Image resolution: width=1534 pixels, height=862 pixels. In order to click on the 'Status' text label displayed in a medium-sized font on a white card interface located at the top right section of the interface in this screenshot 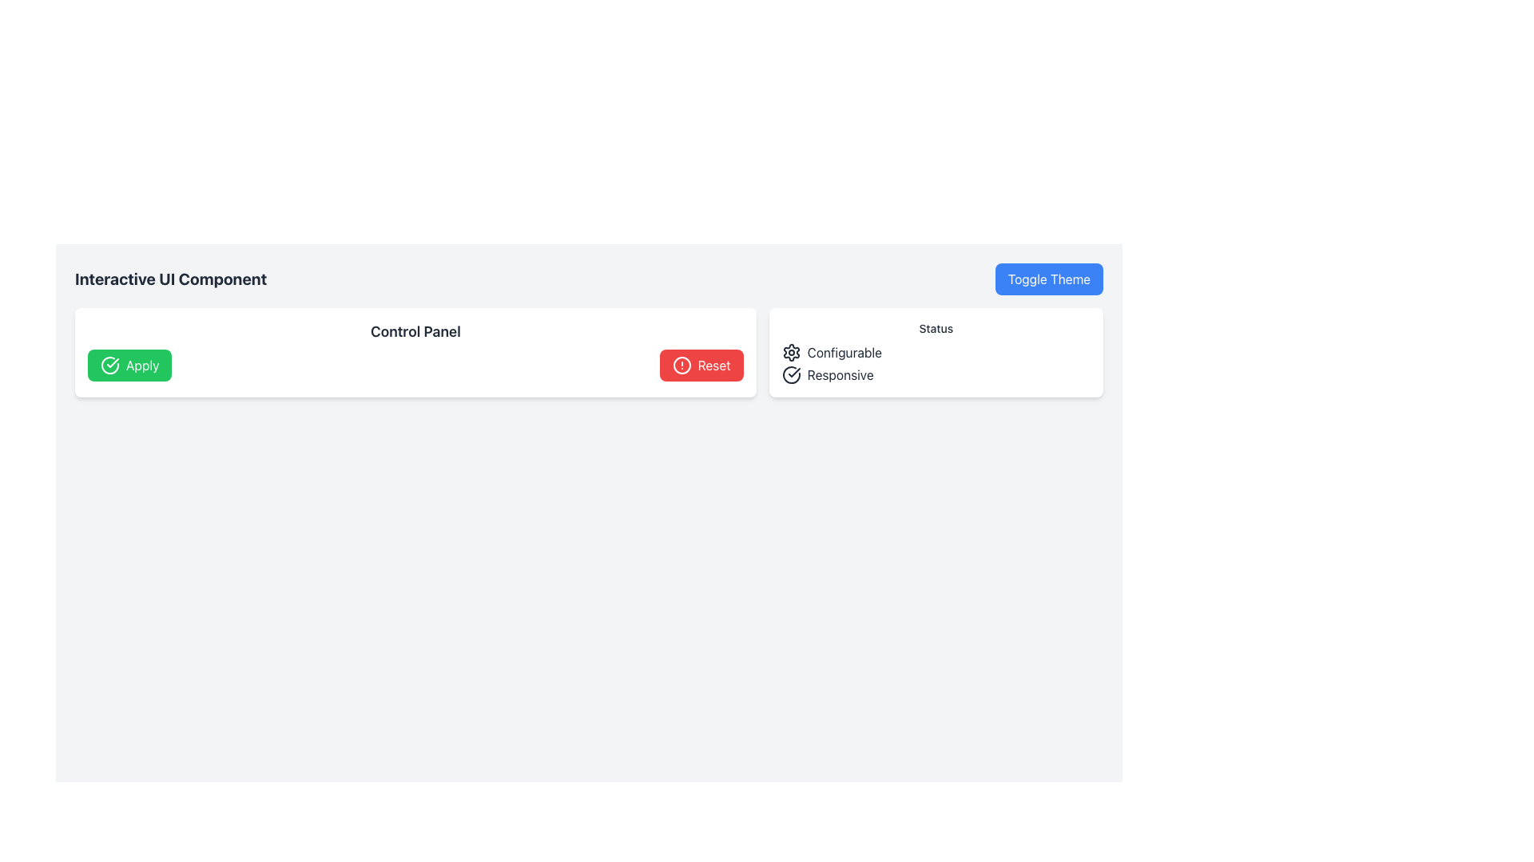, I will do `click(936, 328)`.